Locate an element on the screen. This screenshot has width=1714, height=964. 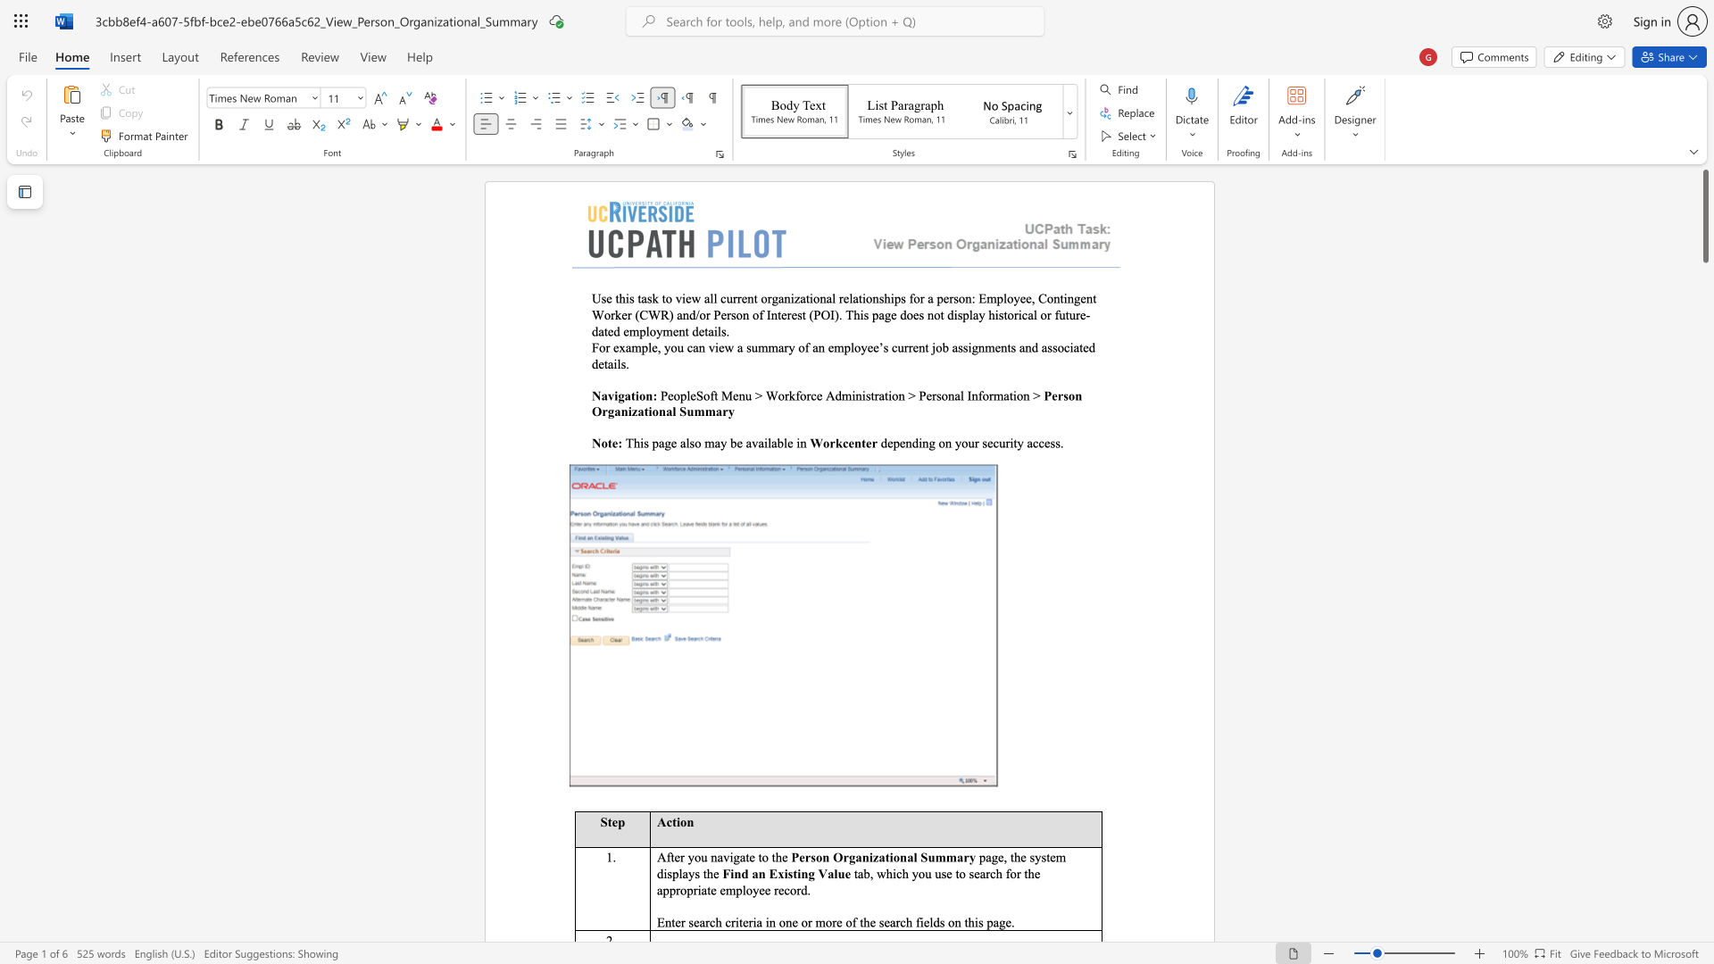
the 1th character "u" in the text is located at coordinates (703, 856).